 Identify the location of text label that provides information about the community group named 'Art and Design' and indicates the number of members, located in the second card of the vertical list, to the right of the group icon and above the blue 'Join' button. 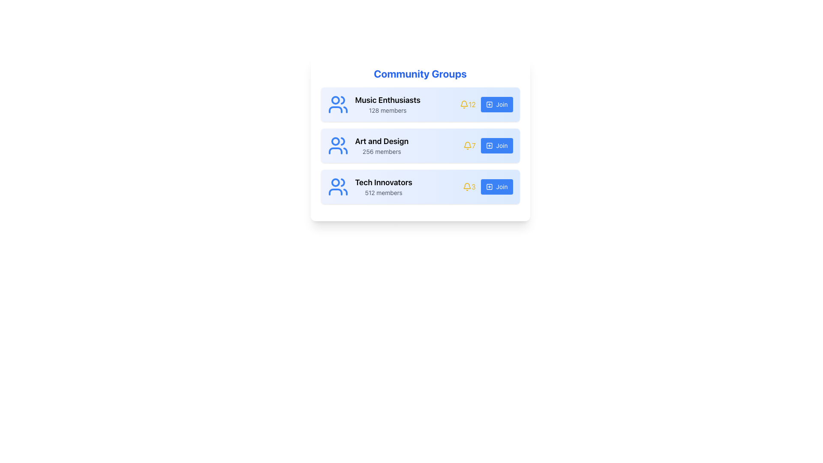
(381, 145).